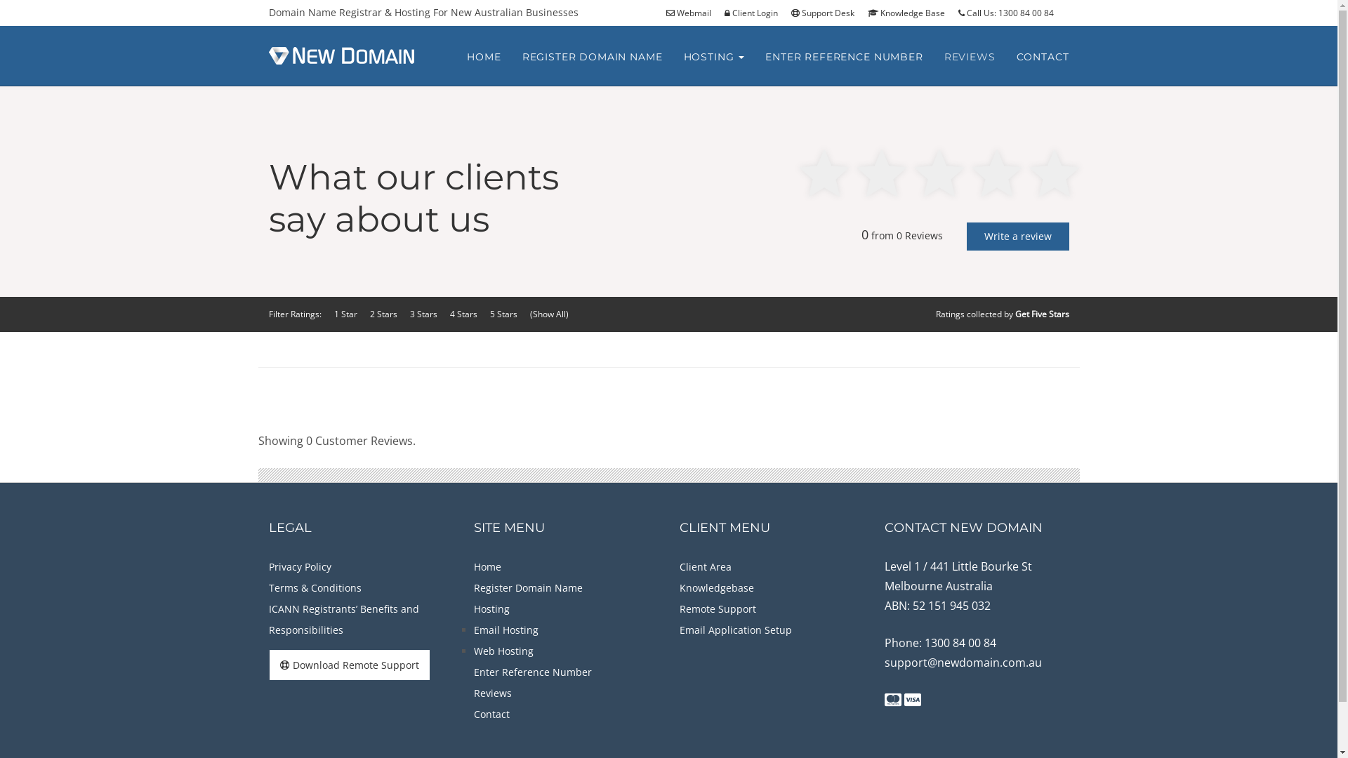 Image resolution: width=1348 pixels, height=758 pixels. I want to click on 'Email Application Setup', so click(734, 629).